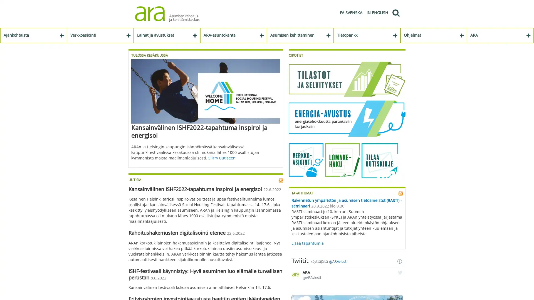 The height and width of the screenshot is (300, 534). I want to click on Hae, so click(395, 12).